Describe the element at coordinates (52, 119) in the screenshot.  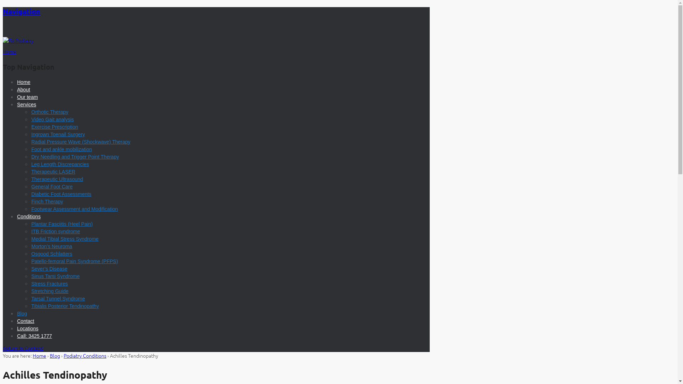
I see `'Video Gait analysis'` at that location.